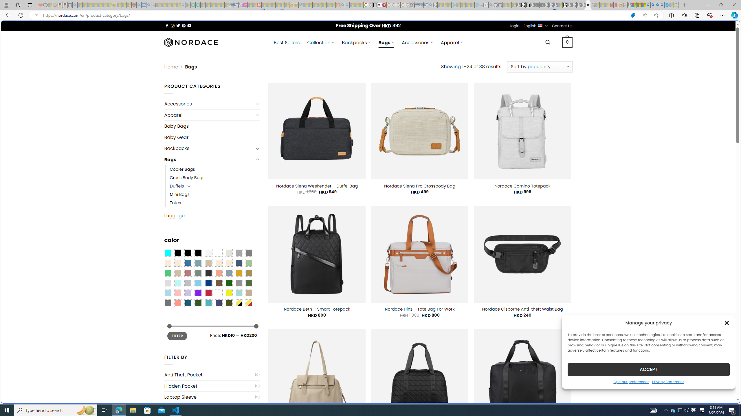  Describe the element at coordinates (218, 263) in the screenshot. I see `'Caramel'` at that location.